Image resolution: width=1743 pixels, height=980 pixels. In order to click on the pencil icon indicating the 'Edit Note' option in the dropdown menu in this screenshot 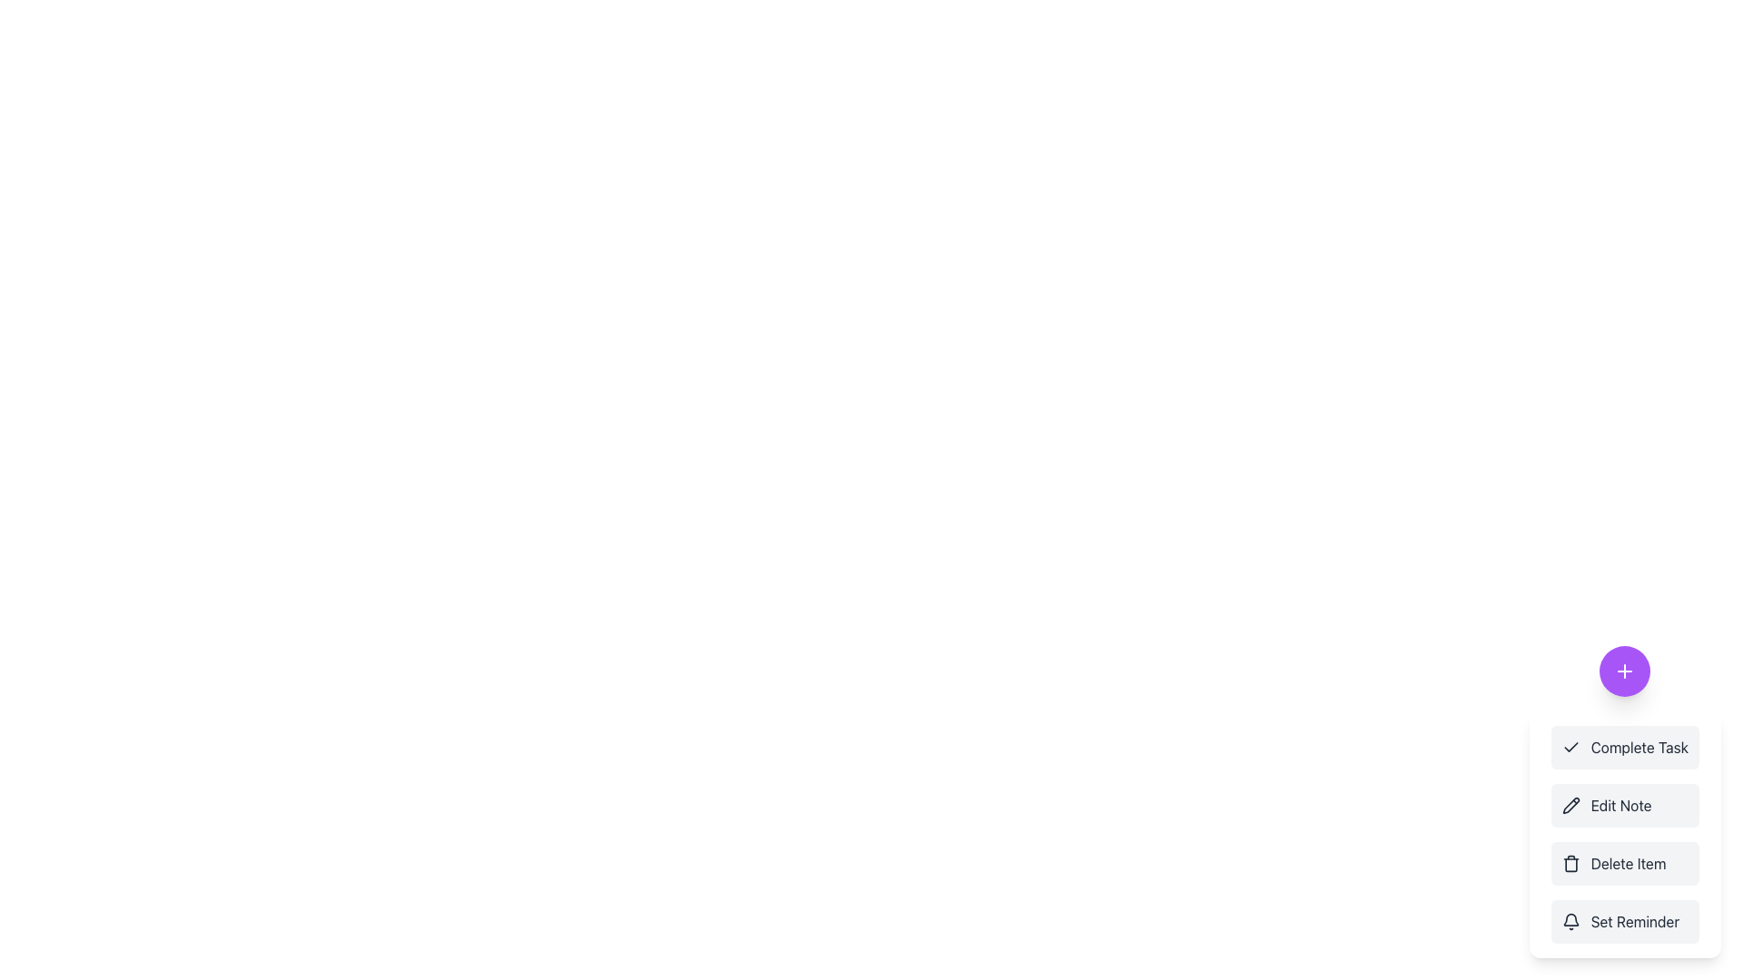, I will do `click(1570, 804)`.